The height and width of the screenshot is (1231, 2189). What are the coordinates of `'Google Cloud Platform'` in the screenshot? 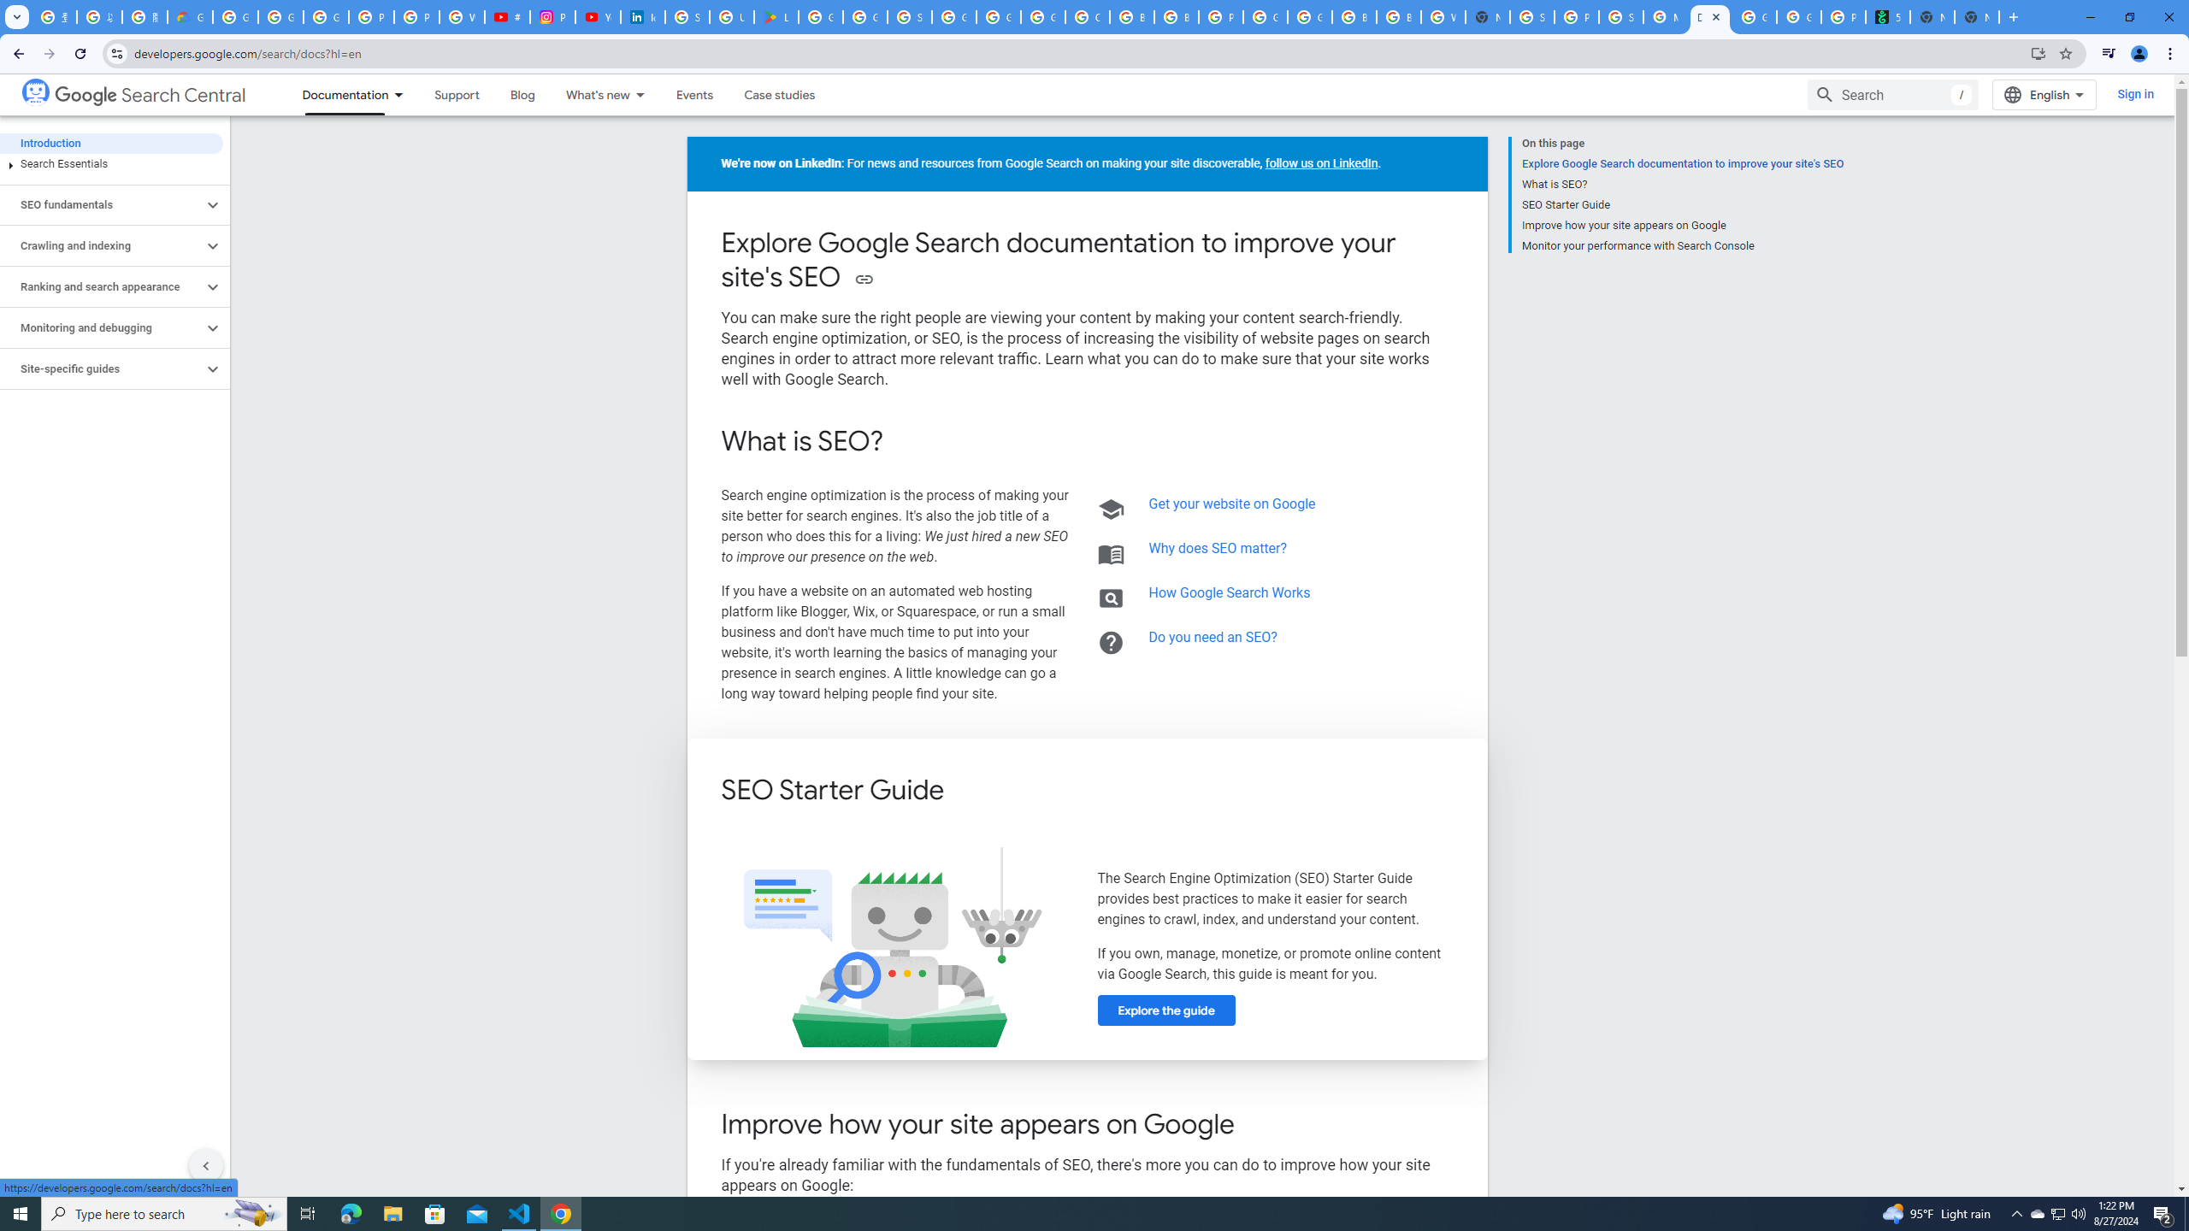 It's located at (1265, 16).